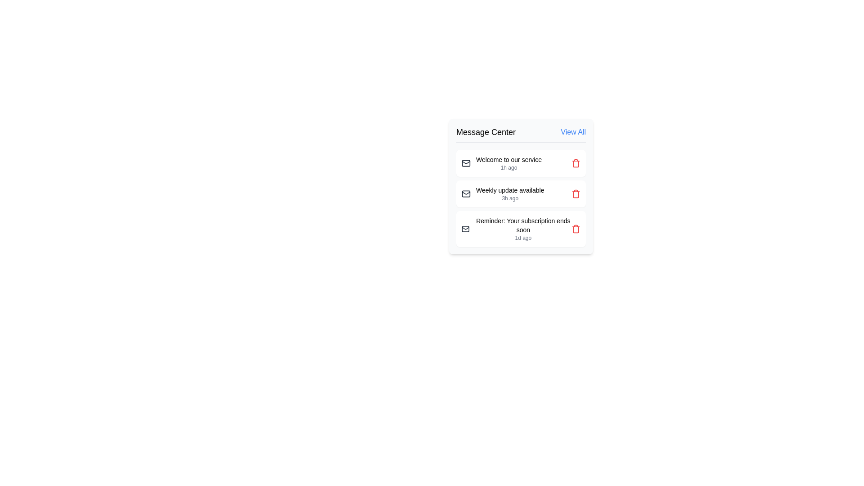 This screenshot has width=864, height=486. What do you see at coordinates (516, 229) in the screenshot?
I see `the email icon of the third notification item in the Message Center` at bounding box center [516, 229].